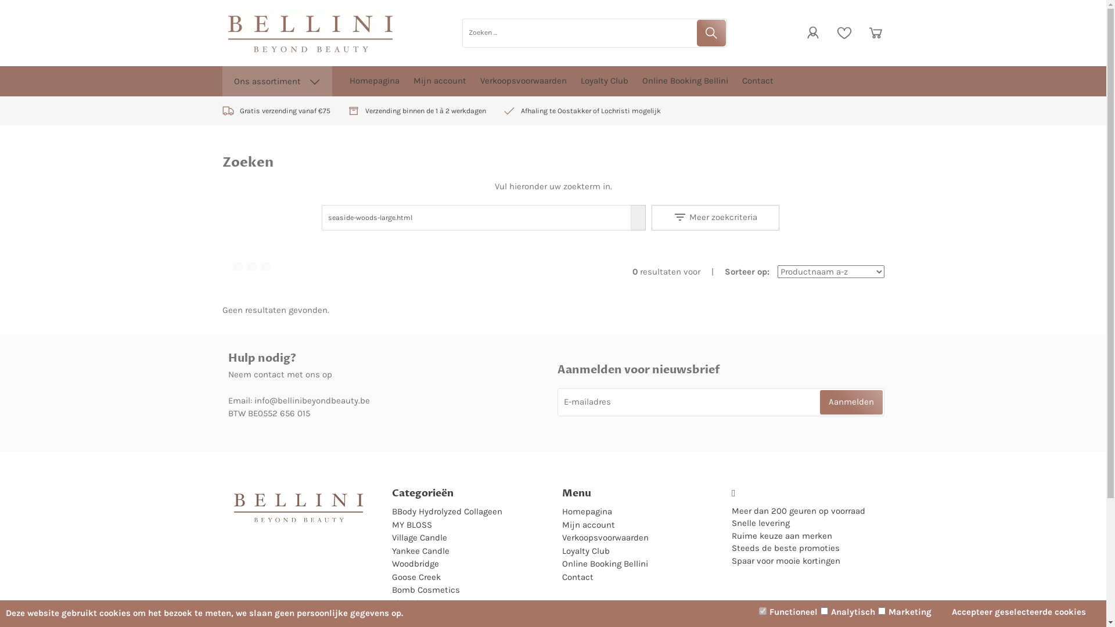  I want to click on 'Yankee Candle', so click(392, 550).